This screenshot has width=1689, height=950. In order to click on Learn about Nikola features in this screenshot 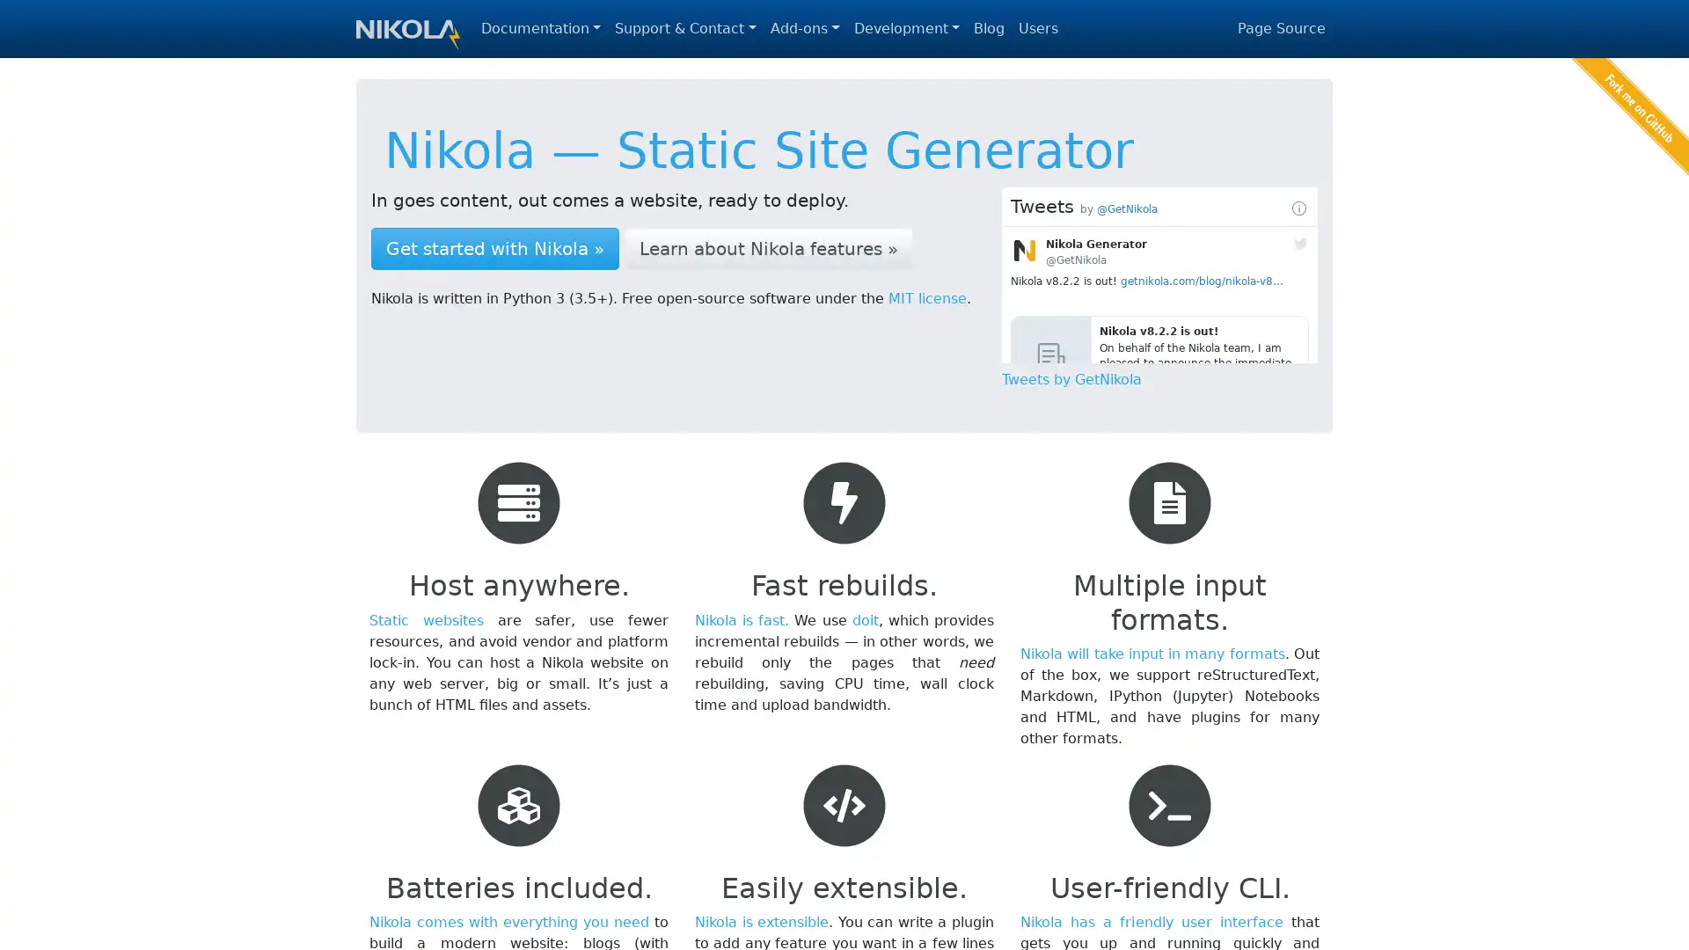, I will do `click(768, 248)`.